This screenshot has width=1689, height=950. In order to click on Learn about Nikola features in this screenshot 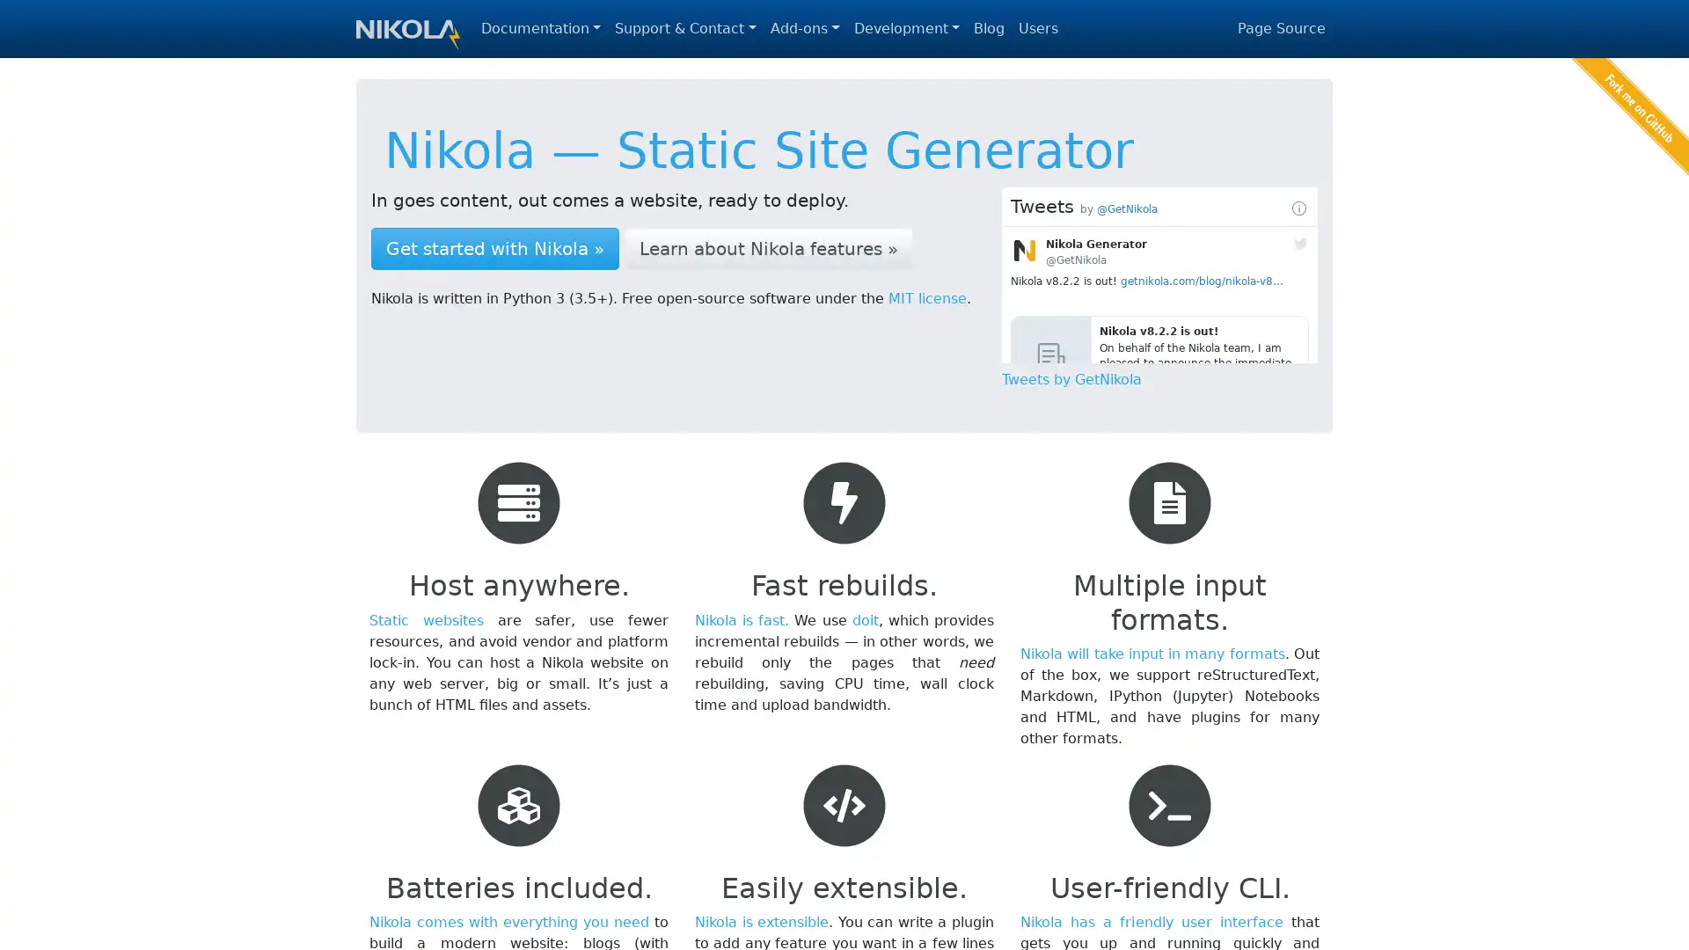, I will do `click(768, 248)`.